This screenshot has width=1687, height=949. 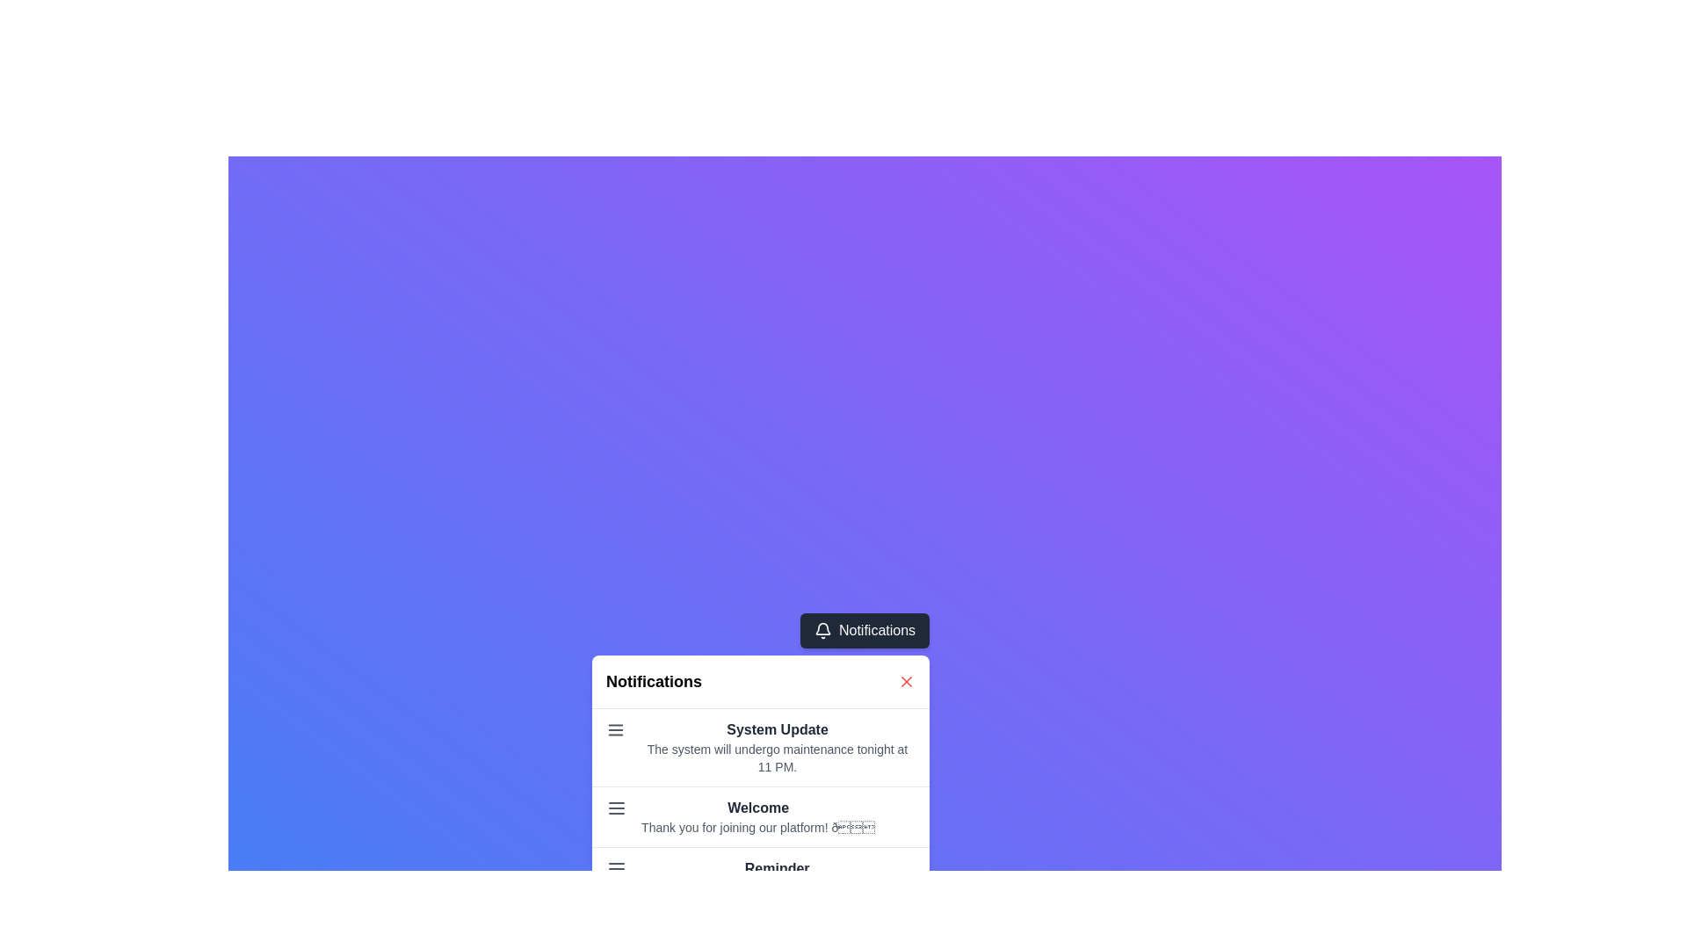 I want to click on the menu icon associated with the 'System Update' notification located in the notification panel, so click(x=615, y=729).